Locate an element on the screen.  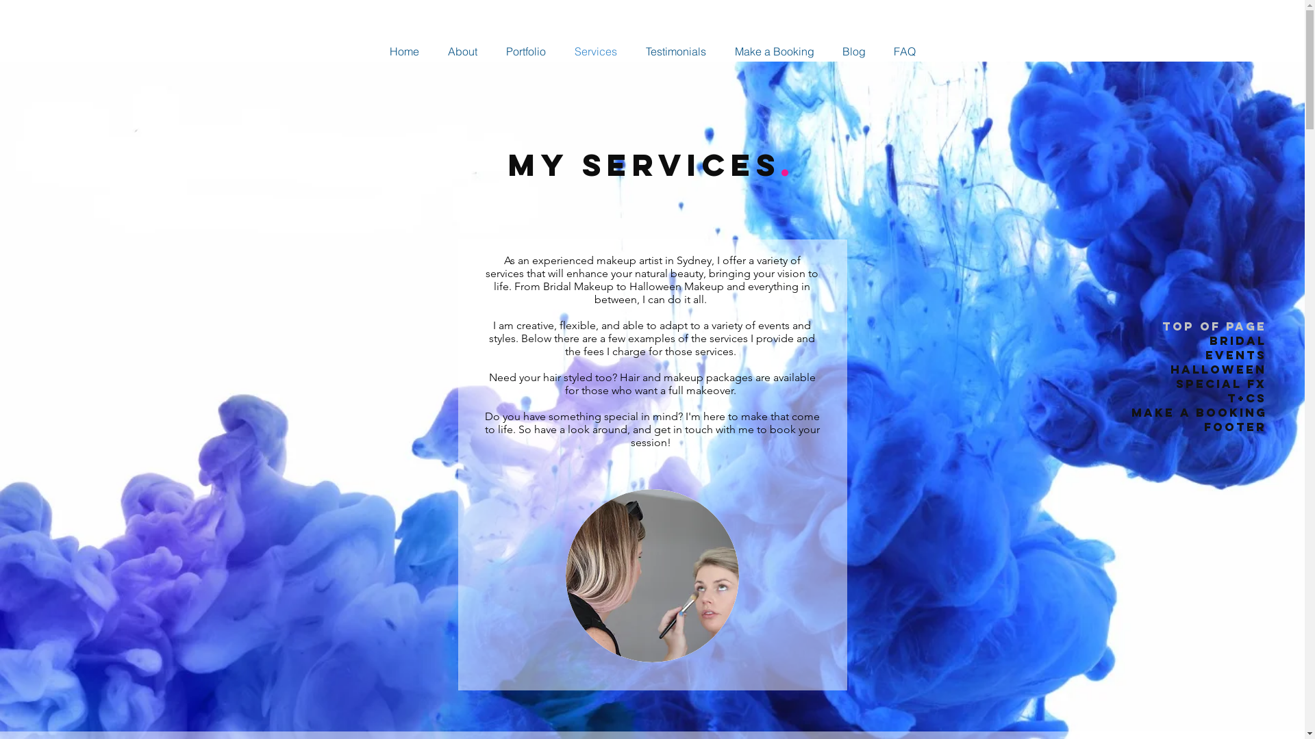
'Make a Booking' is located at coordinates (775, 50).